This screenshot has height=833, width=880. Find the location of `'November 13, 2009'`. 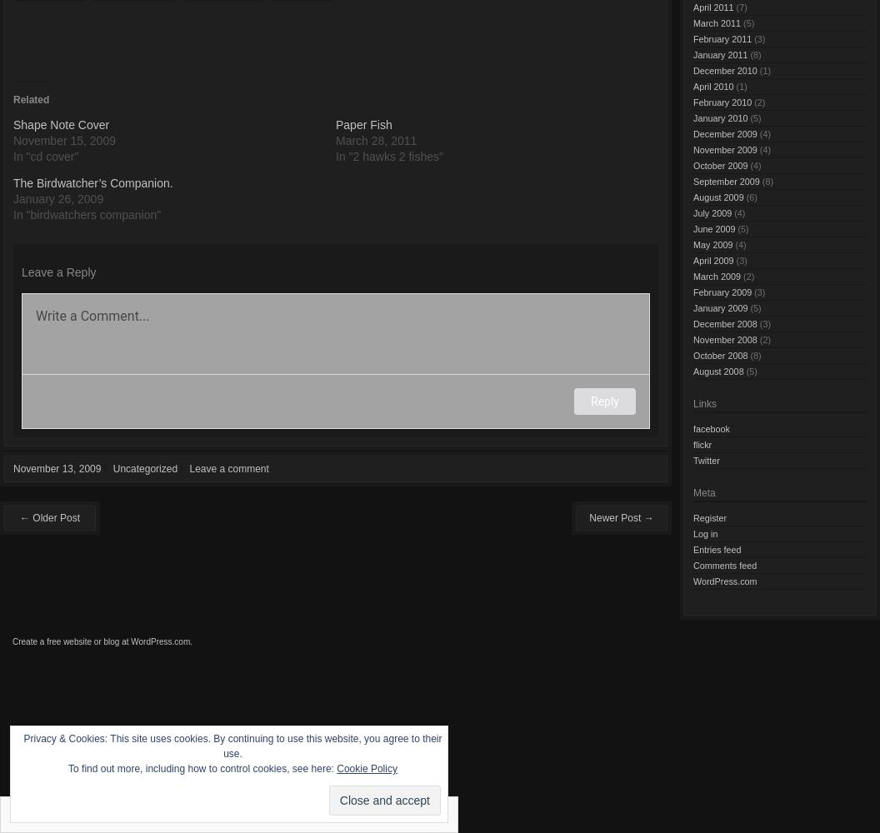

'November 13, 2009' is located at coordinates (13, 468).